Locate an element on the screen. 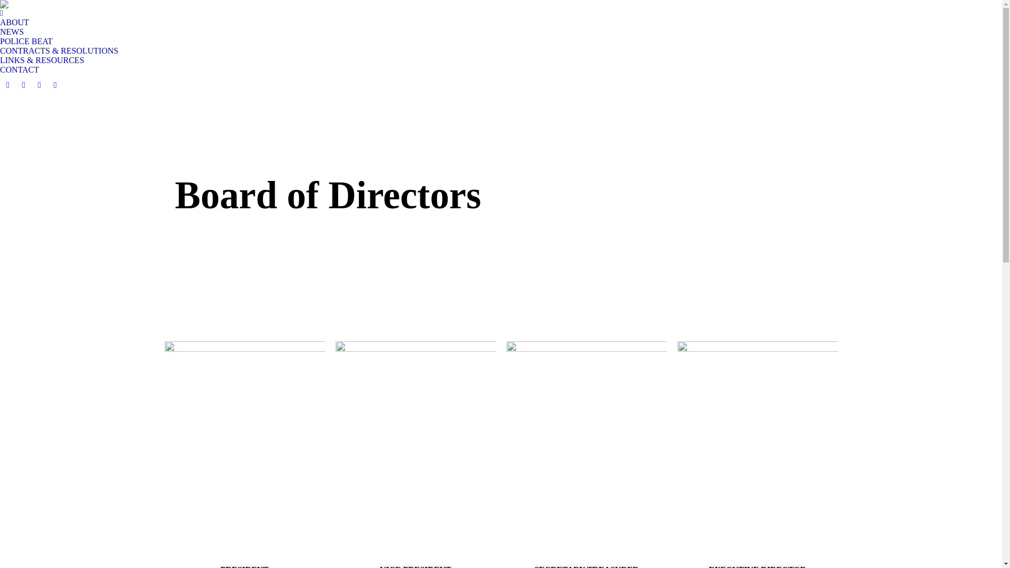  'Behance page opens in new window' is located at coordinates (39, 85).